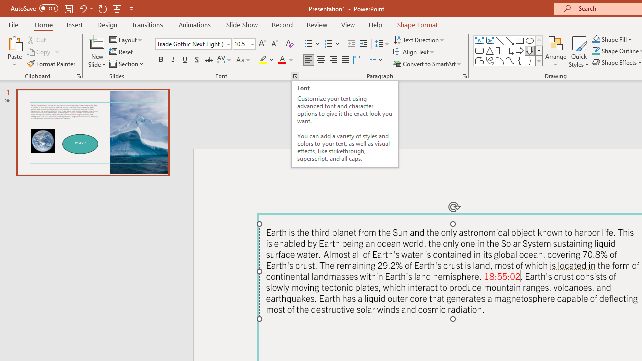  I want to click on 'Shadow', so click(197, 60).